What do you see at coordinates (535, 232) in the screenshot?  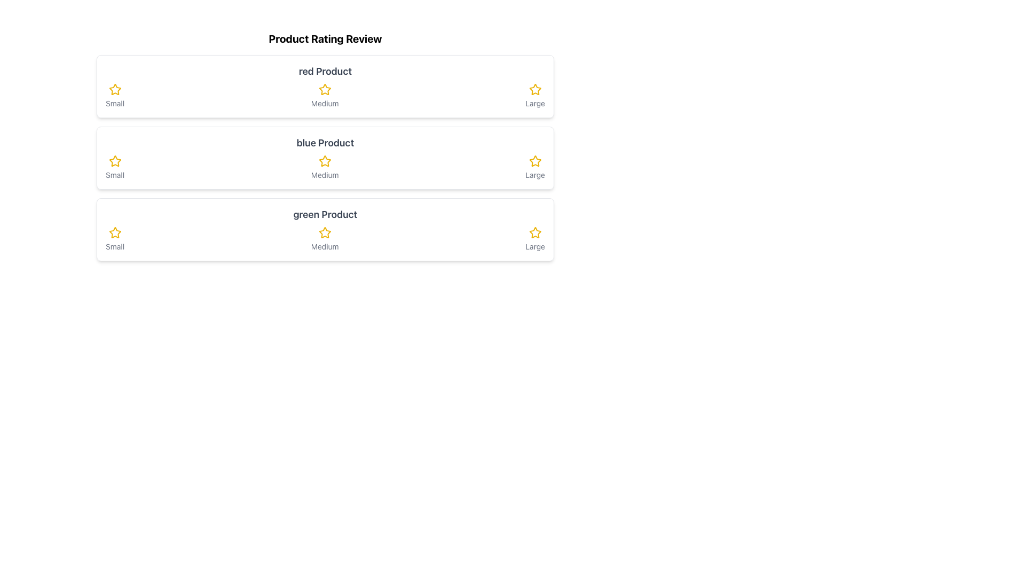 I see `the yellow star icon with a hollow center located in the 'green Product' section, adjacent to the label 'Large'` at bounding box center [535, 232].